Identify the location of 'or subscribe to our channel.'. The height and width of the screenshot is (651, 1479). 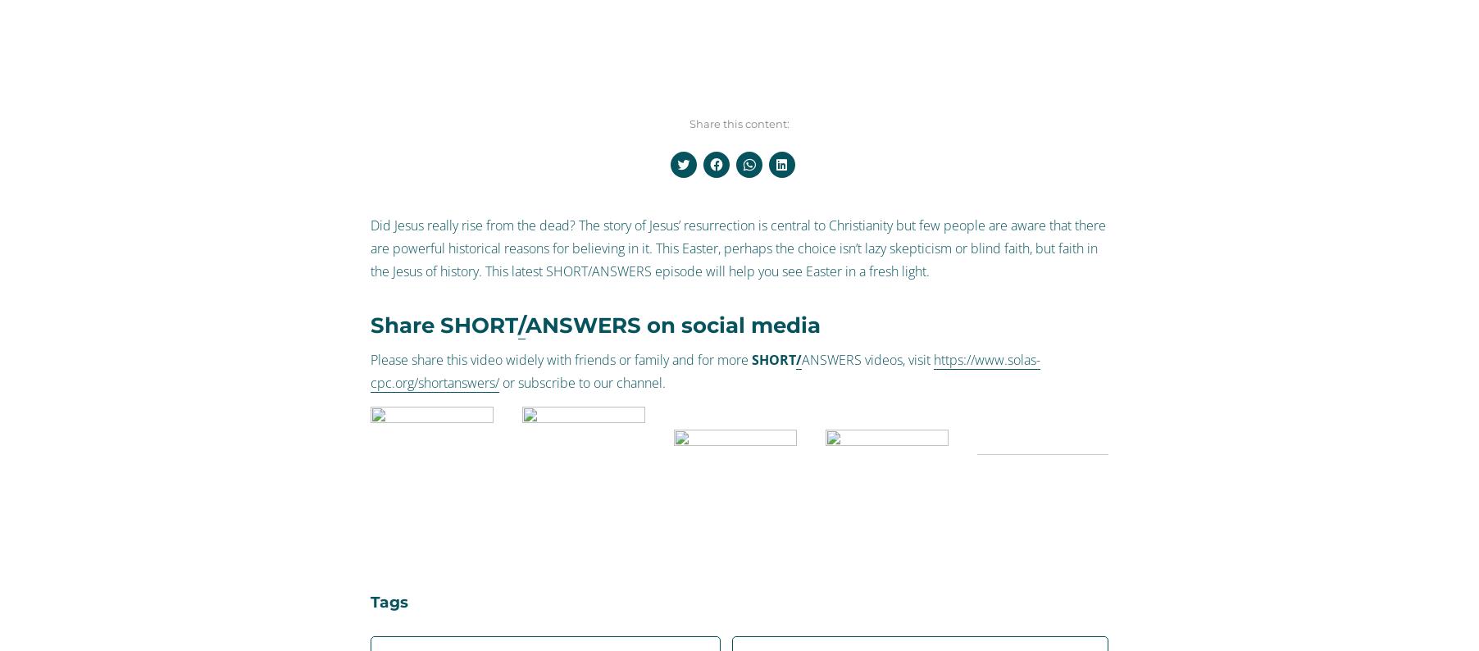
(582, 381).